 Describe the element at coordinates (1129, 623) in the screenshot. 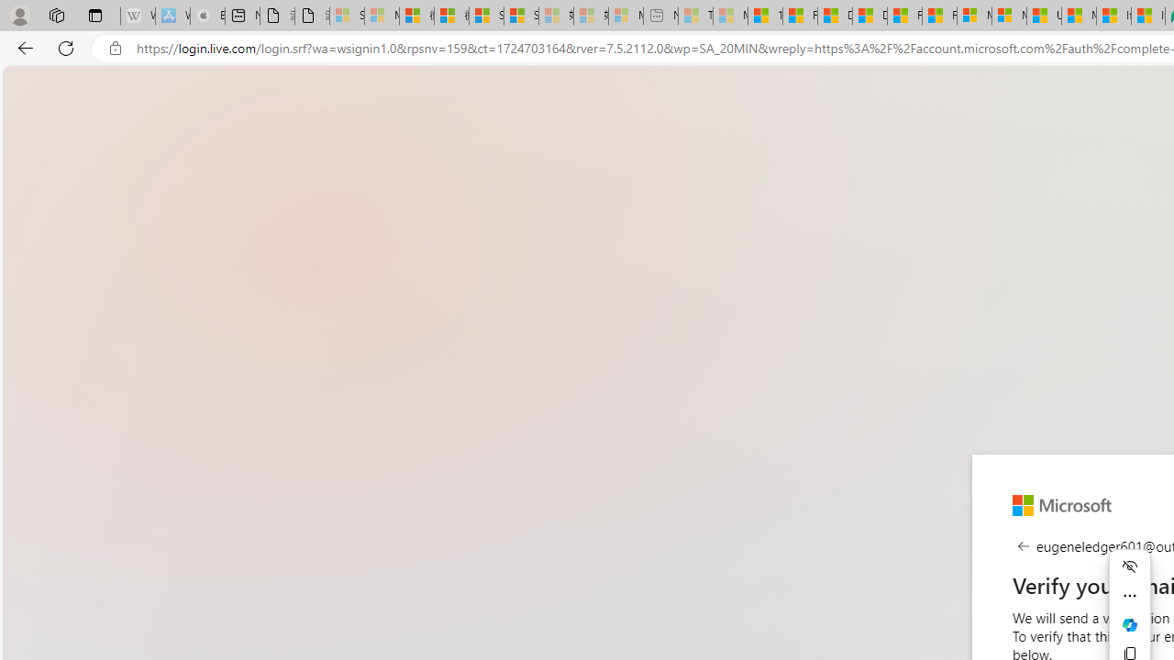

I see `'Ask Copilot'` at that location.